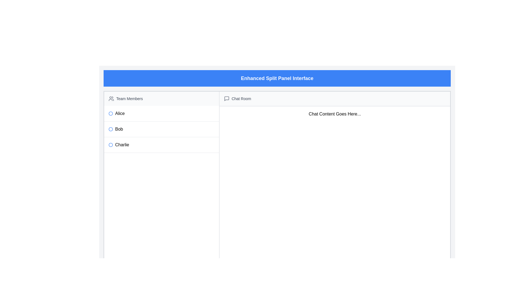 This screenshot has width=529, height=297. What do you see at coordinates (277, 78) in the screenshot?
I see `the Header element with a blue background and bold white text 'Enhanced Split Panel Interface' located at the top of the interface` at bounding box center [277, 78].